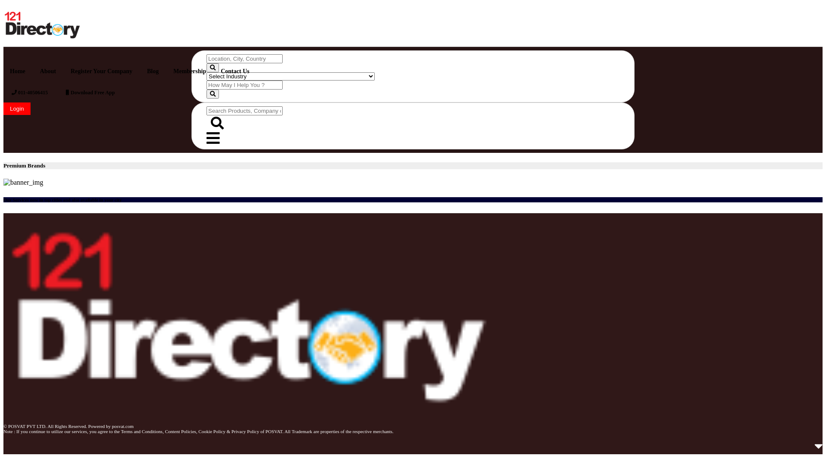 This screenshot has width=826, height=465. What do you see at coordinates (47, 71) in the screenshot?
I see `'About'` at bounding box center [47, 71].